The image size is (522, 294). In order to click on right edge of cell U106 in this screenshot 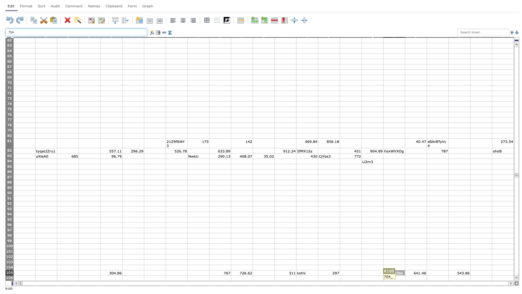, I will do `click(470, 278)`.